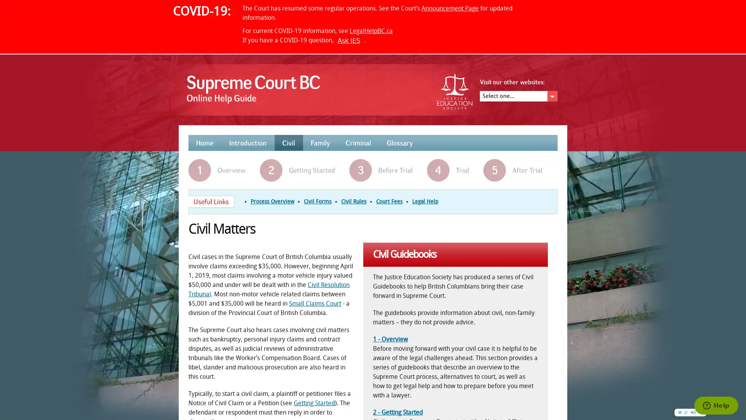 This screenshot has width=746, height=420. Describe the element at coordinates (348, 40) in the screenshot. I see `Ask JES` at that location.